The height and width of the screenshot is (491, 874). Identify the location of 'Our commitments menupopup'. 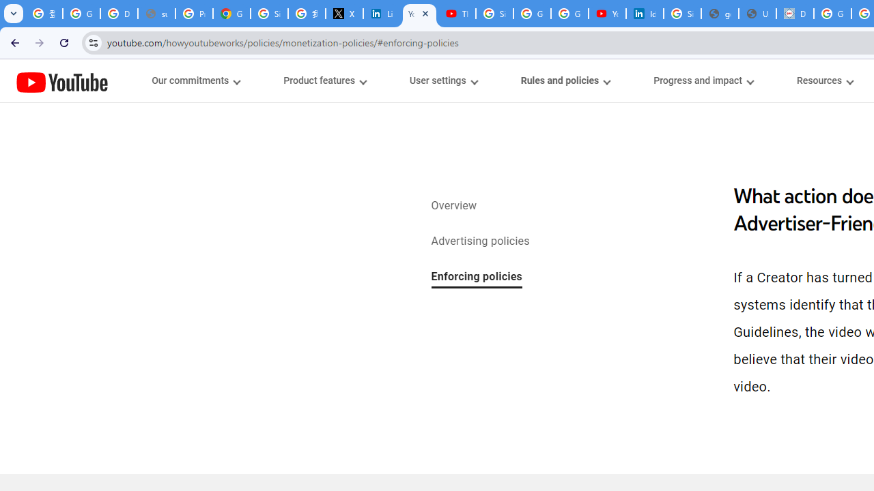
(195, 80).